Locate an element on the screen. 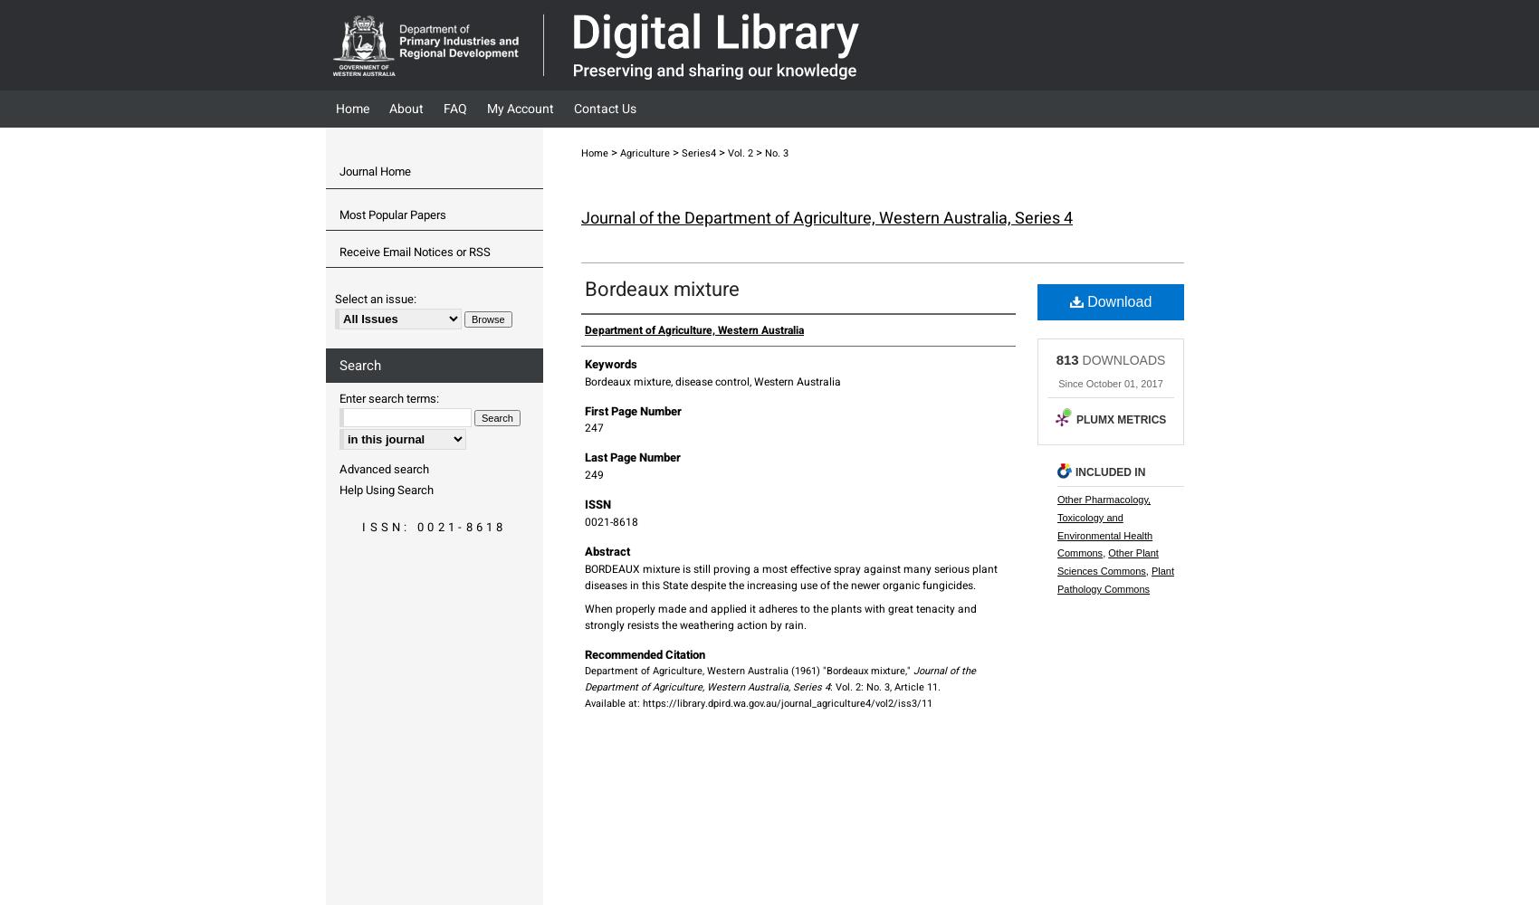 The image size is (1539, 905). 'Plant Pathology Commons' is located at coordinates (1114, 580).